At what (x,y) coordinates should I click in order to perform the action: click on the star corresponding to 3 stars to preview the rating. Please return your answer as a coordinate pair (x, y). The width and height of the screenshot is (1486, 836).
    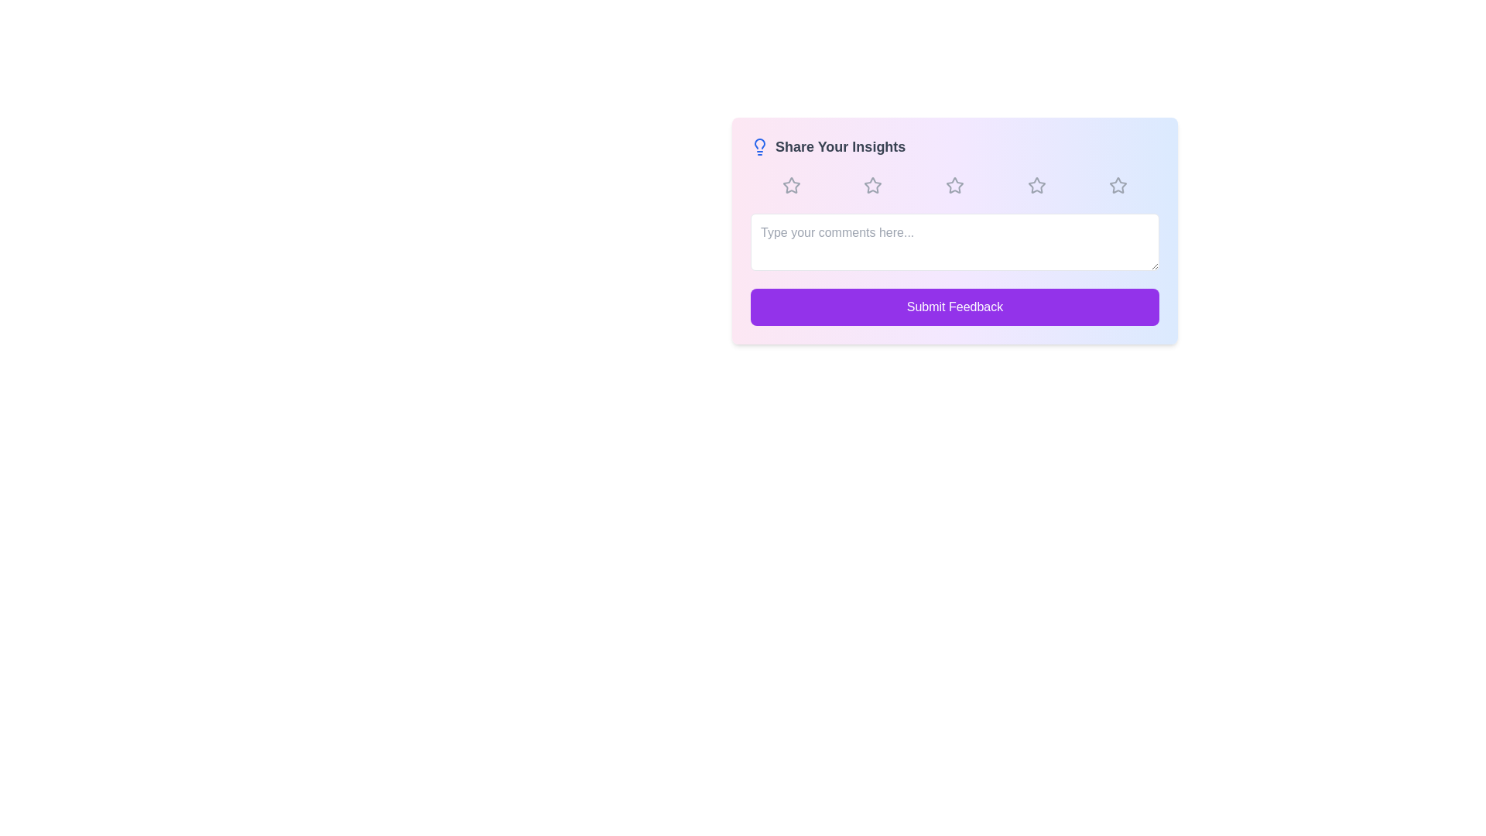
    Looking at the image, I should click on (954, 184).